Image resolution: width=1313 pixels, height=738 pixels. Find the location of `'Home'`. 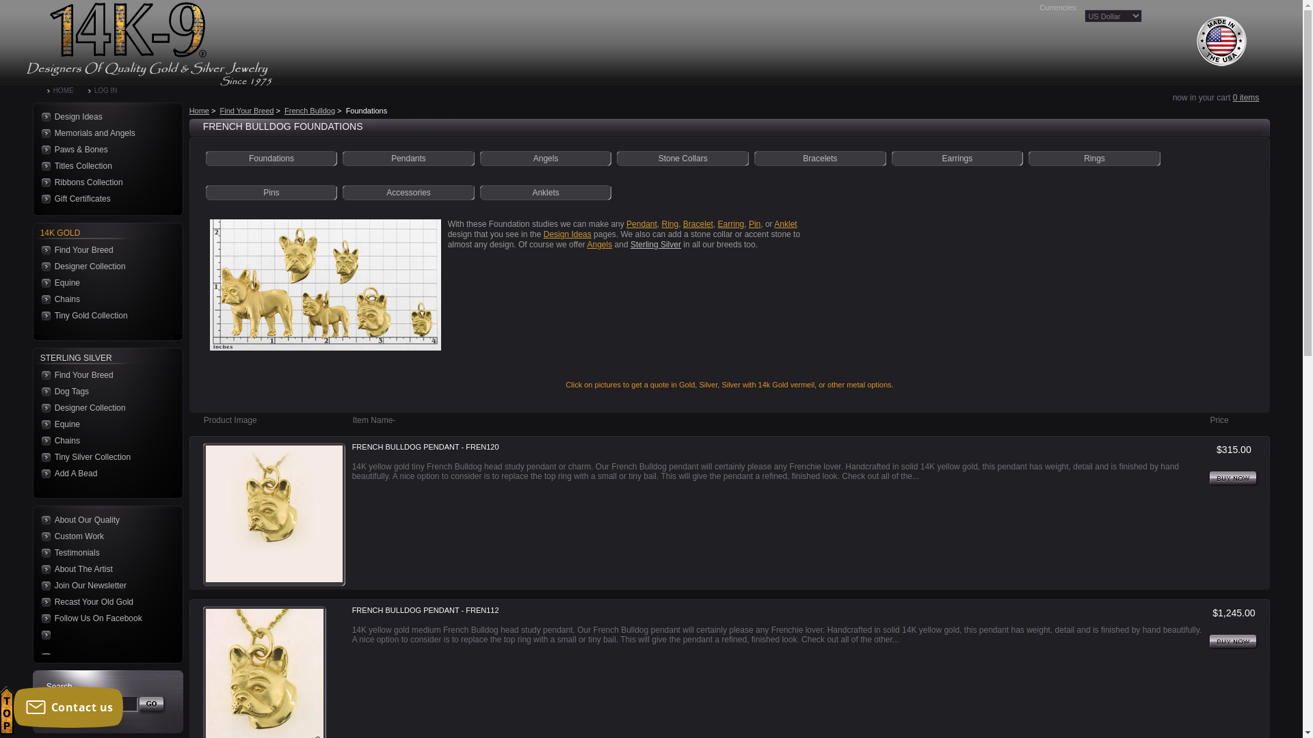

'Home' is located at coordinates (198, 110).